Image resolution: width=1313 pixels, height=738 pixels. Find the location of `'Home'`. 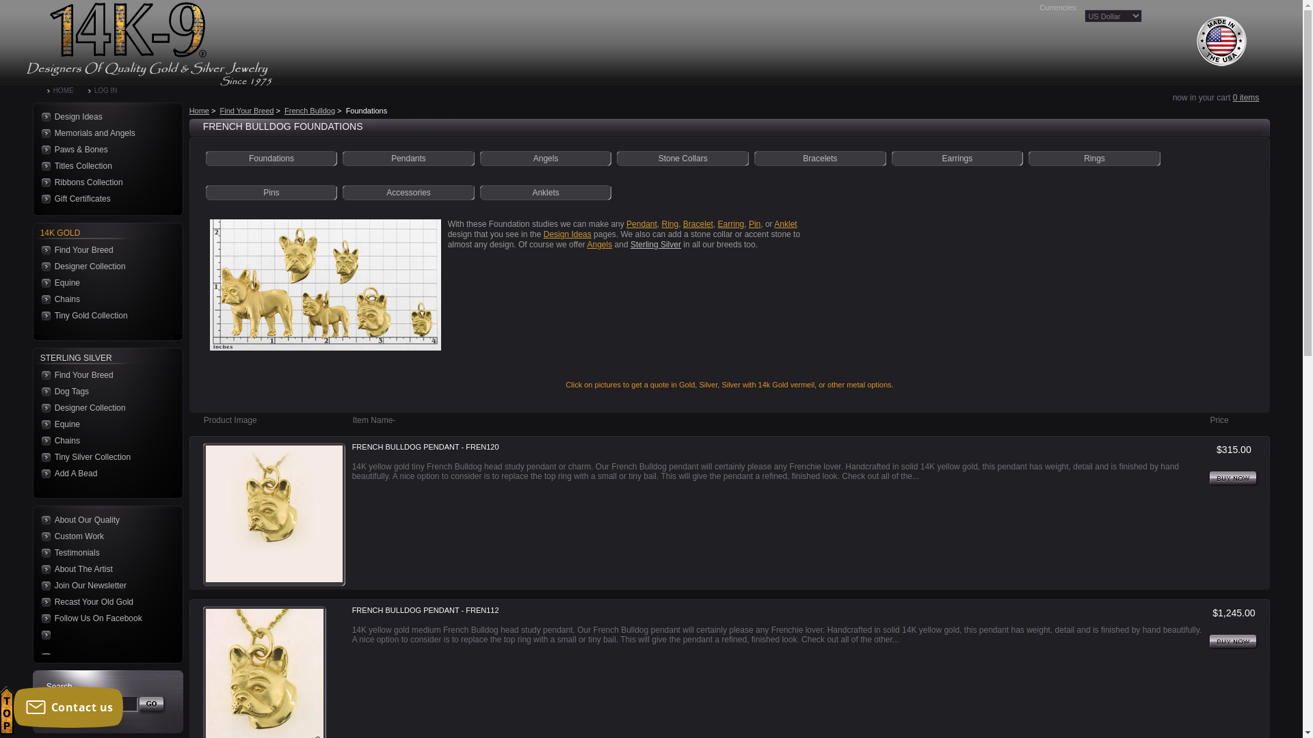

'Home' is located at coordinates (198, 110).